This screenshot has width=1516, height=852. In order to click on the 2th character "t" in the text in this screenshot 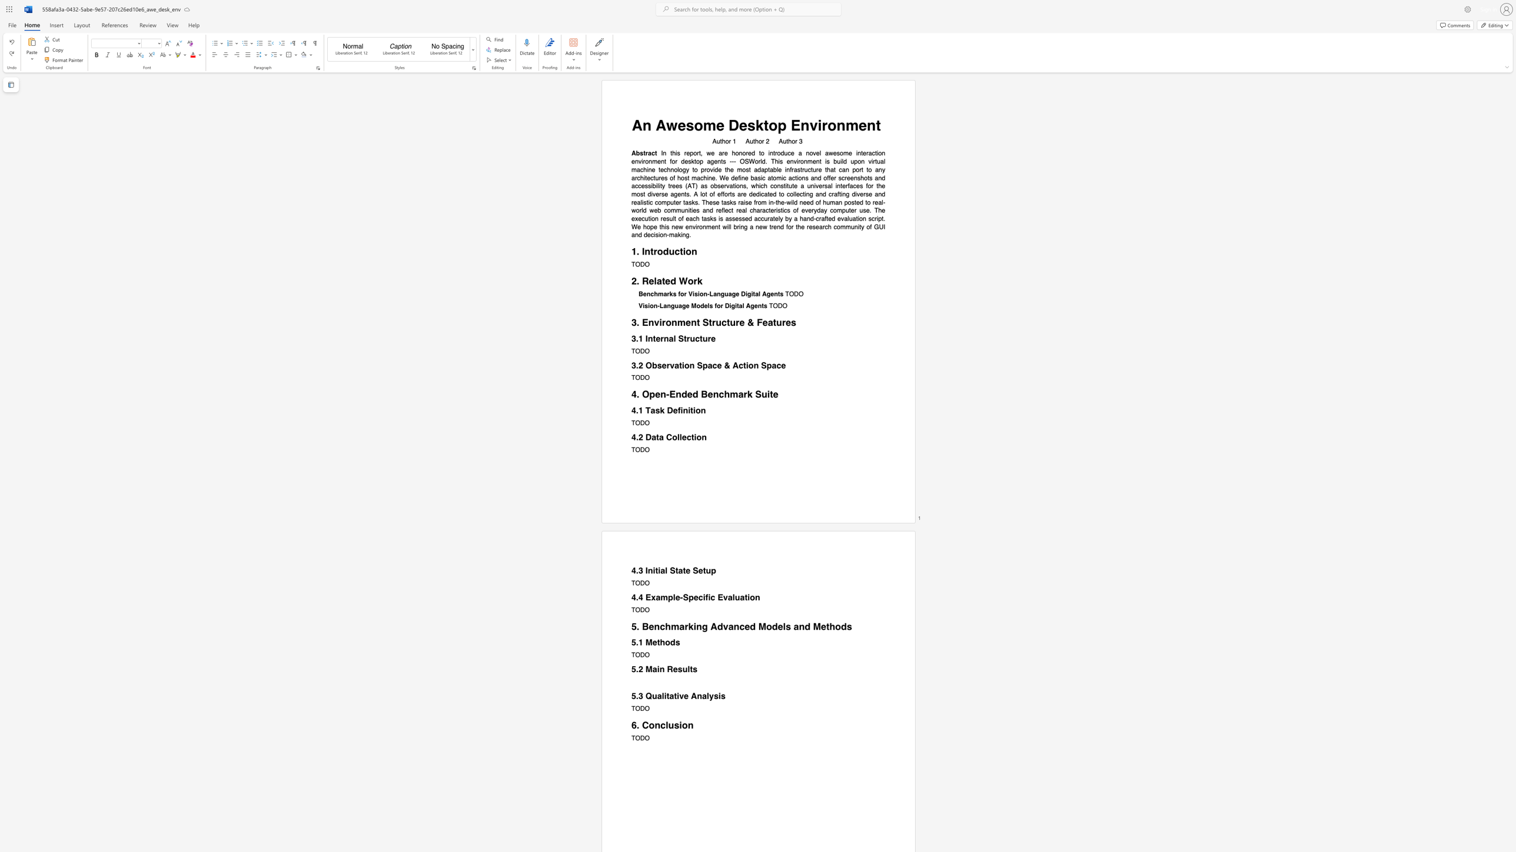, I will do `click(763, 306)`.